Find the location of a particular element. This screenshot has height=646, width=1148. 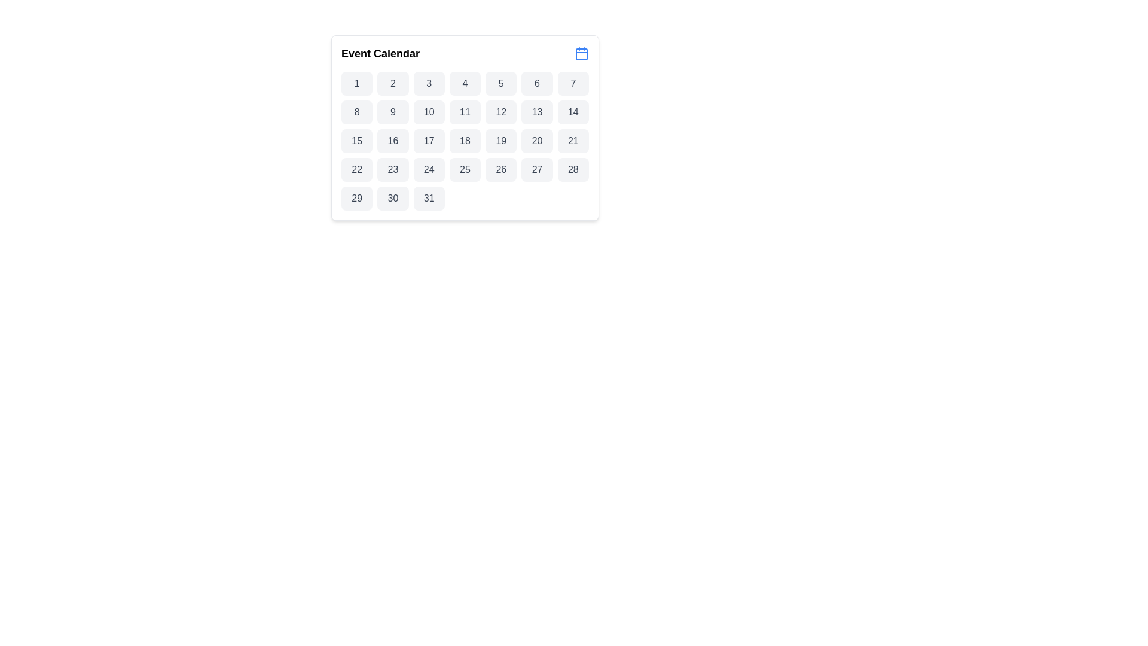

the button that allows users to select the 20th day of the displayed month is located at coordinates (536, 140).